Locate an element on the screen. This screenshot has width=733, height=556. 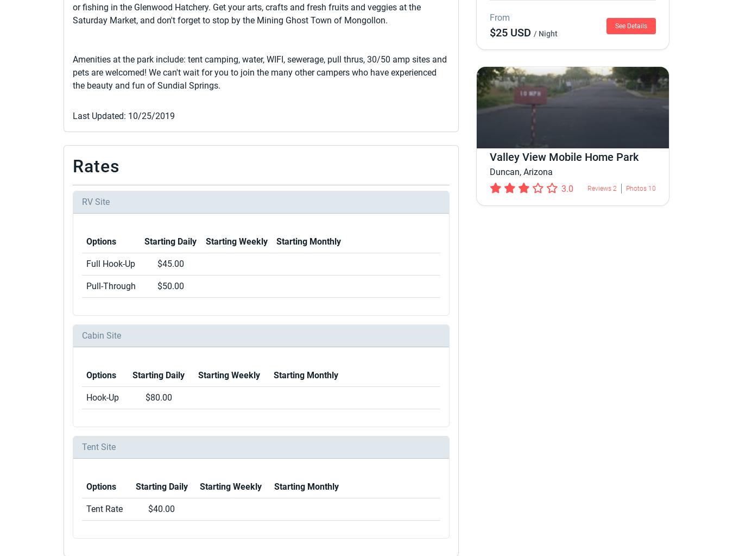
'Blog' is located at coordinates (567, 436).